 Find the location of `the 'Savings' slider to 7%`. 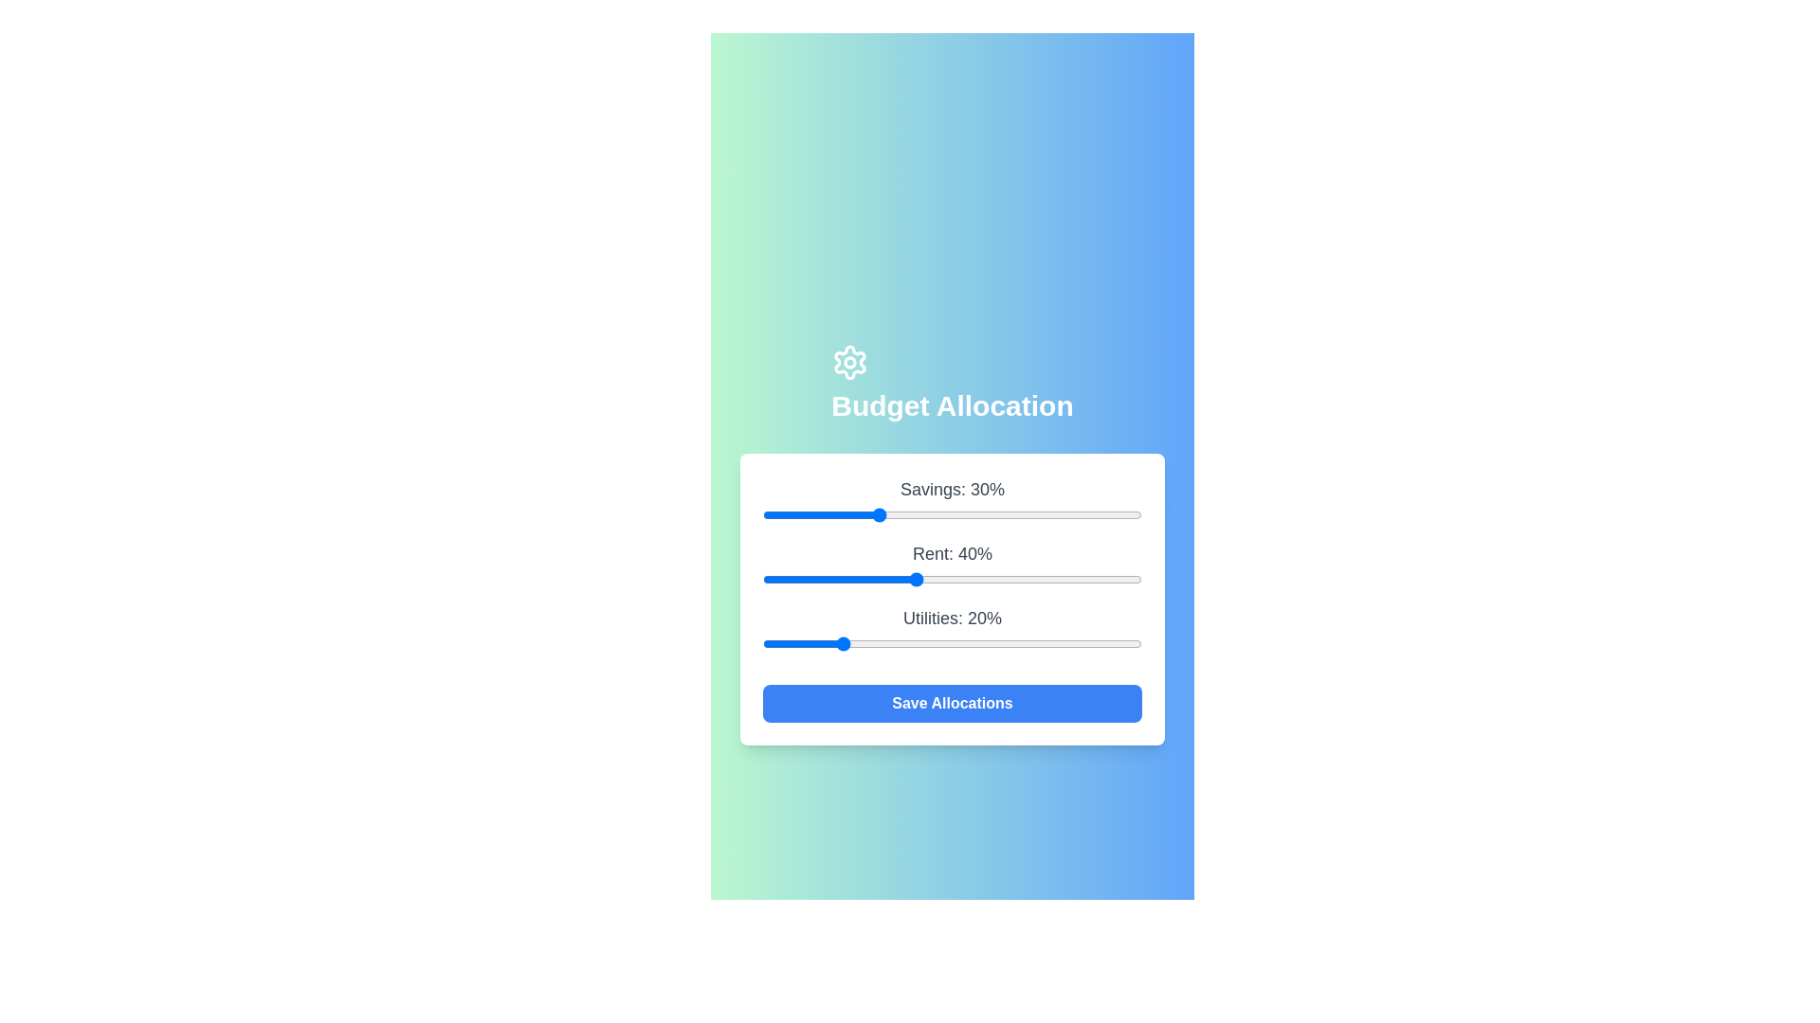

the 'Savings' slider to 7% is located at coordinates (790, 514).